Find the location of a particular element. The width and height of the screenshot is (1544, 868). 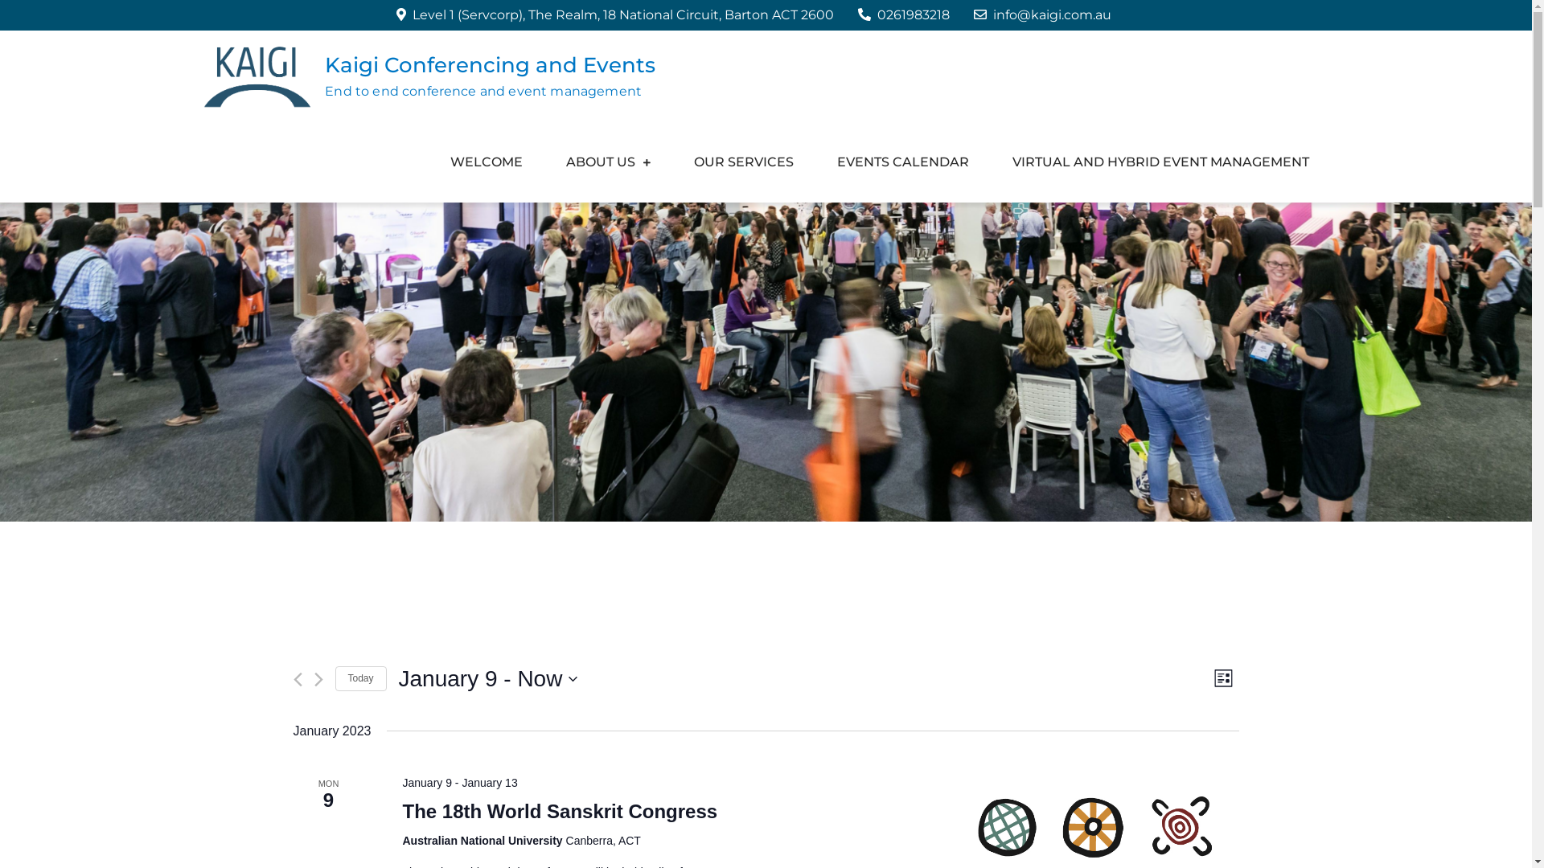

'EVENTS CALENDAR' is located at coordinates (903, 162).